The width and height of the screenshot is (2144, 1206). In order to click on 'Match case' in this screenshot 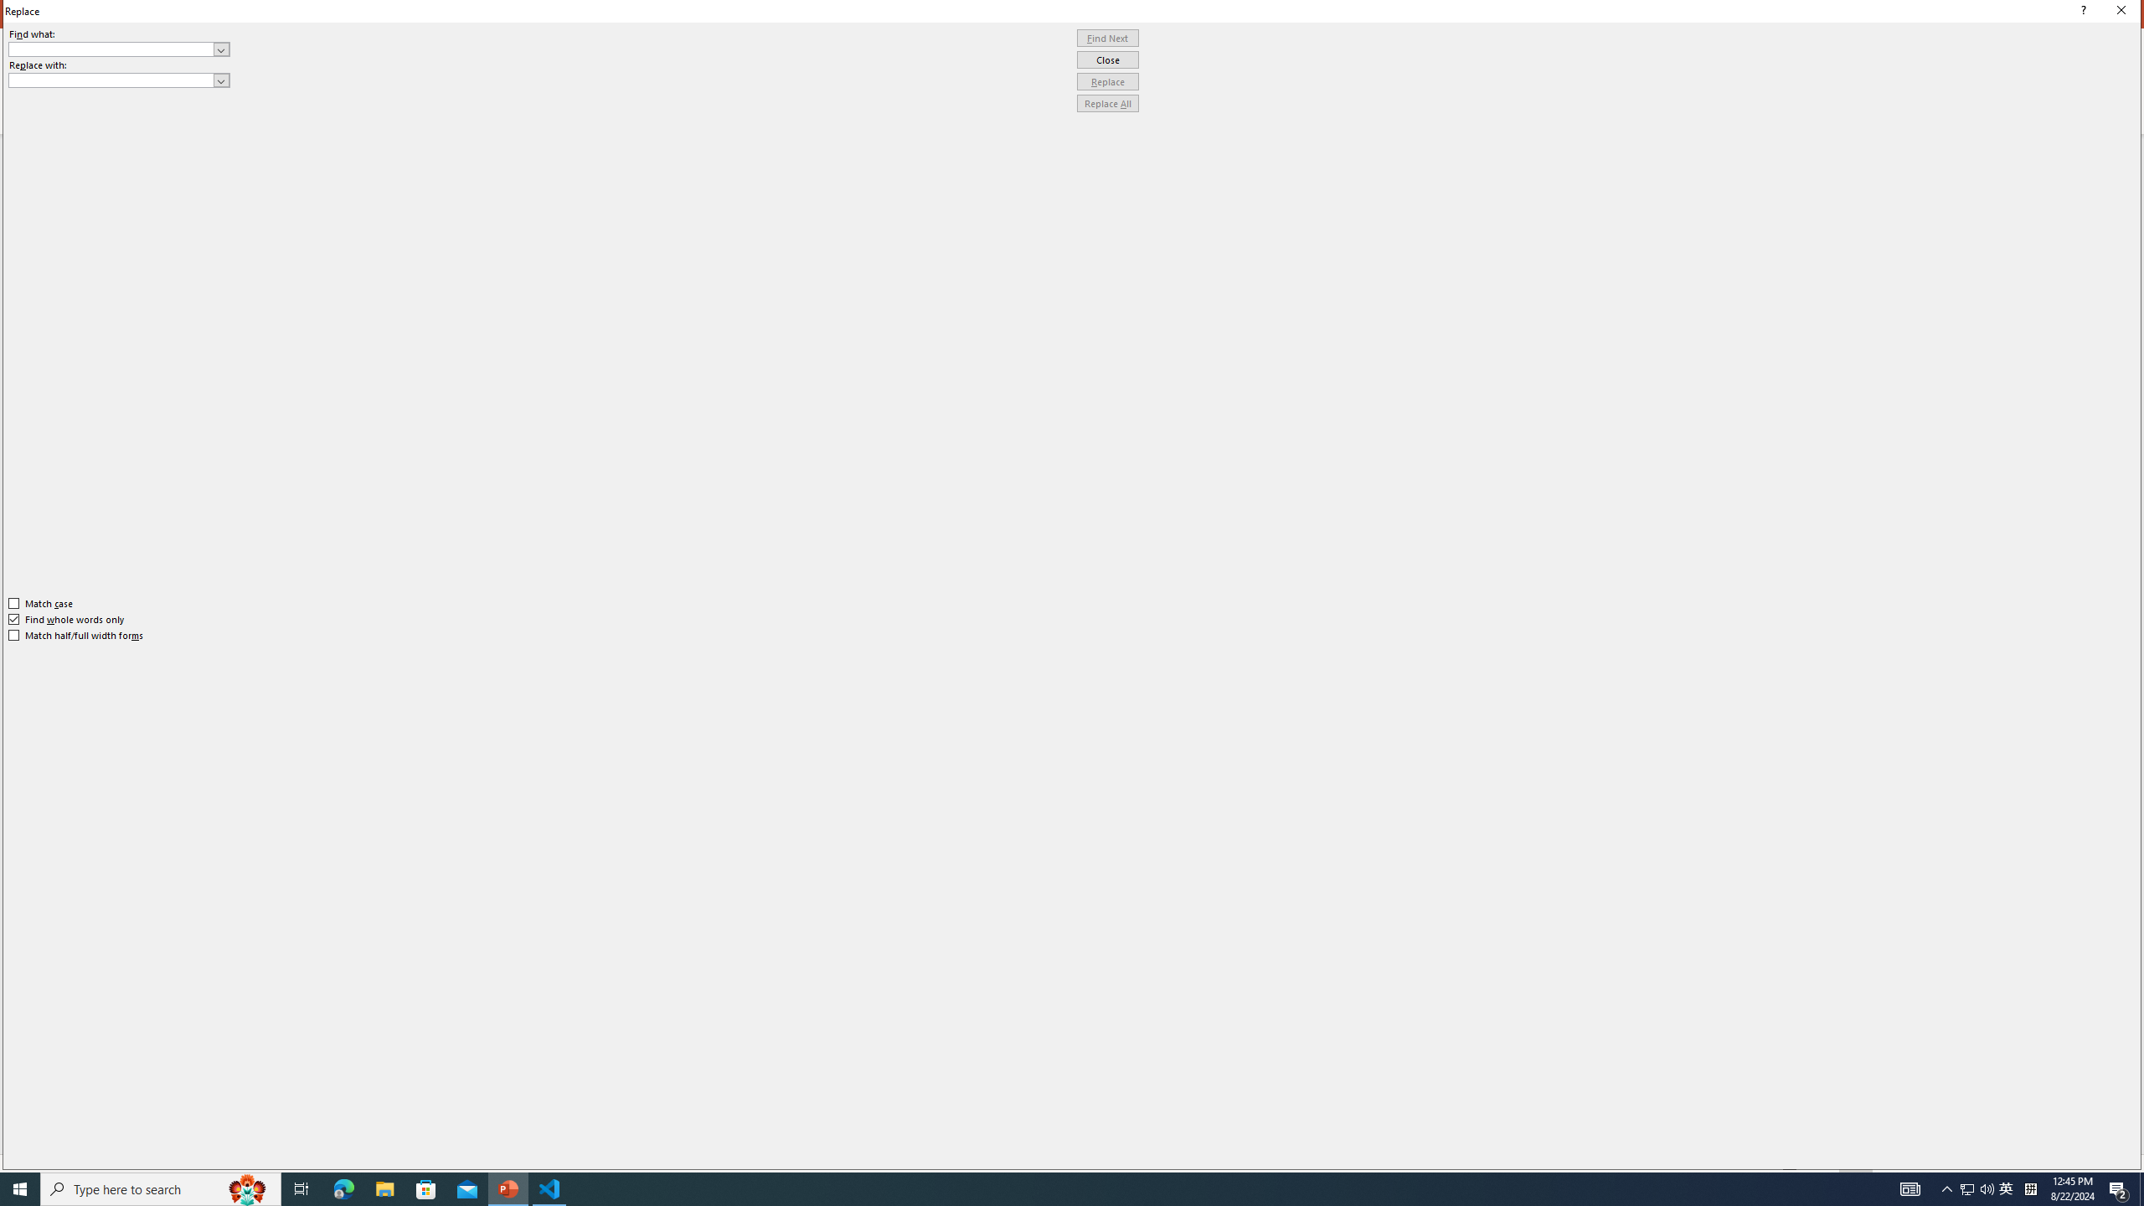, I will do `click(40, 603)`.